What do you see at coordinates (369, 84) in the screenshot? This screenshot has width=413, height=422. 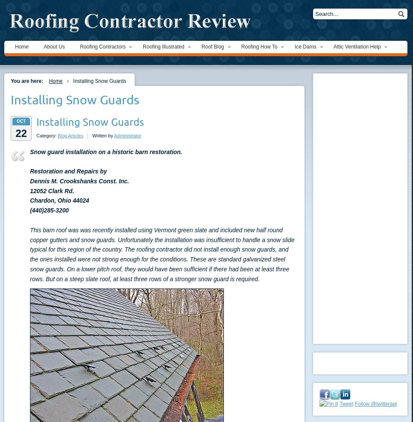 I see `'Soffit Vents and Attic Ventilation'` at bounding box center [369, 84].